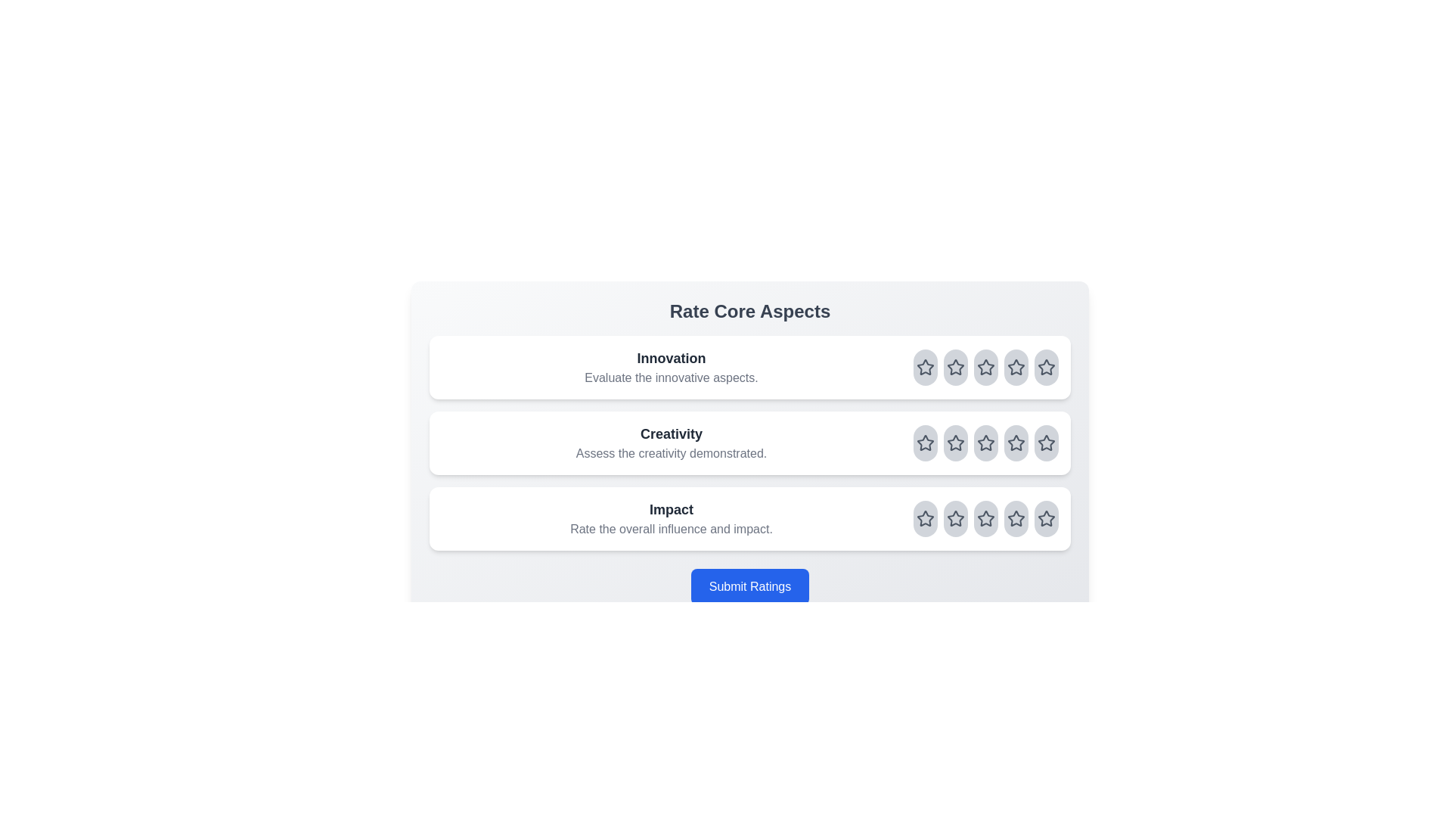 Image resolution: width=1452 pixels, height=817 pixels. What do you see at coordinates (986, 443) in the screenshot?
I see `the rating for the aspect Creativity to 3 stars by clicking on the corresponding star` at bounding box center [986, 443].